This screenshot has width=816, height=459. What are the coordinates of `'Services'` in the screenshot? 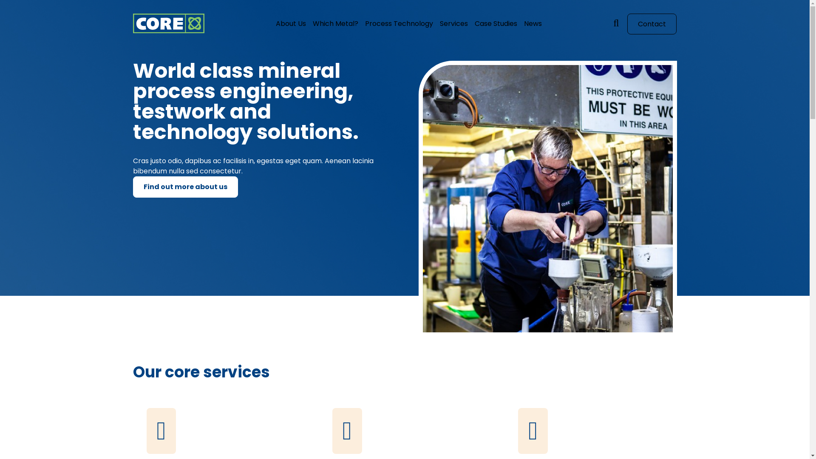 It's located at (453, 23).